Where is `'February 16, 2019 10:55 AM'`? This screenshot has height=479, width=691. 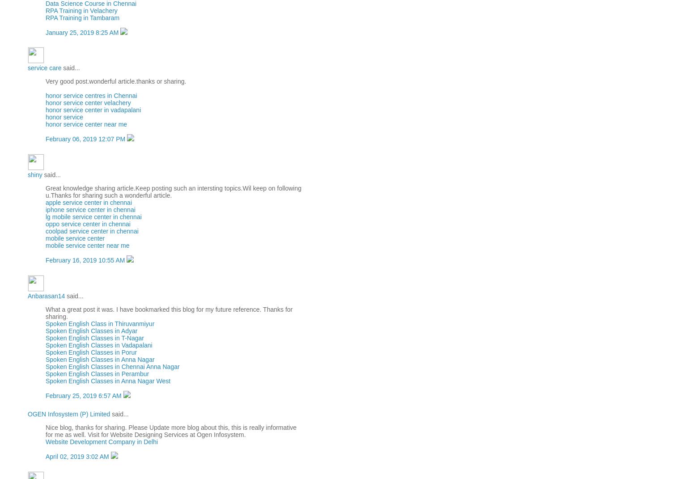 'February 16, 2019 10:55 AM' is located at coordinates (86, 260).